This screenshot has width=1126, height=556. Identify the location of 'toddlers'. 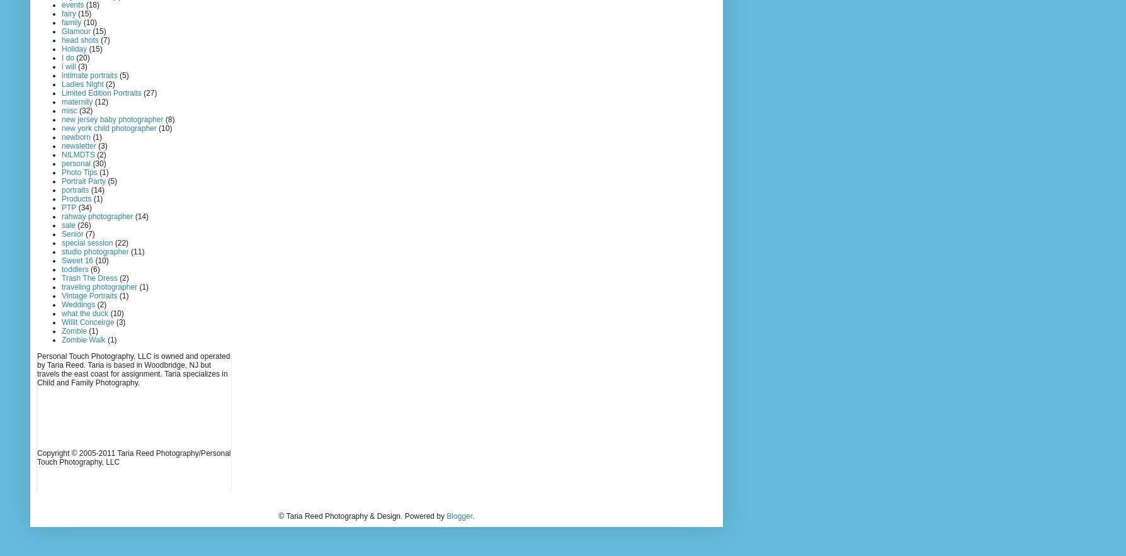
(75, 269).